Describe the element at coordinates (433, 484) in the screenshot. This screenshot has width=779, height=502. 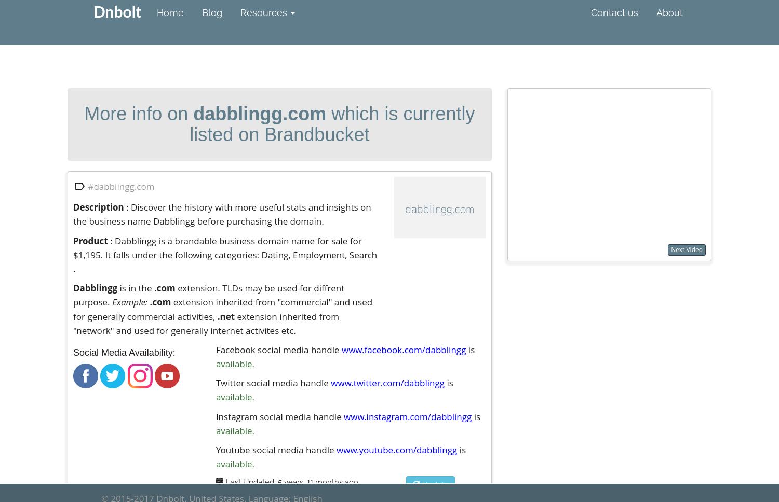
I see `'Update'` at that location.